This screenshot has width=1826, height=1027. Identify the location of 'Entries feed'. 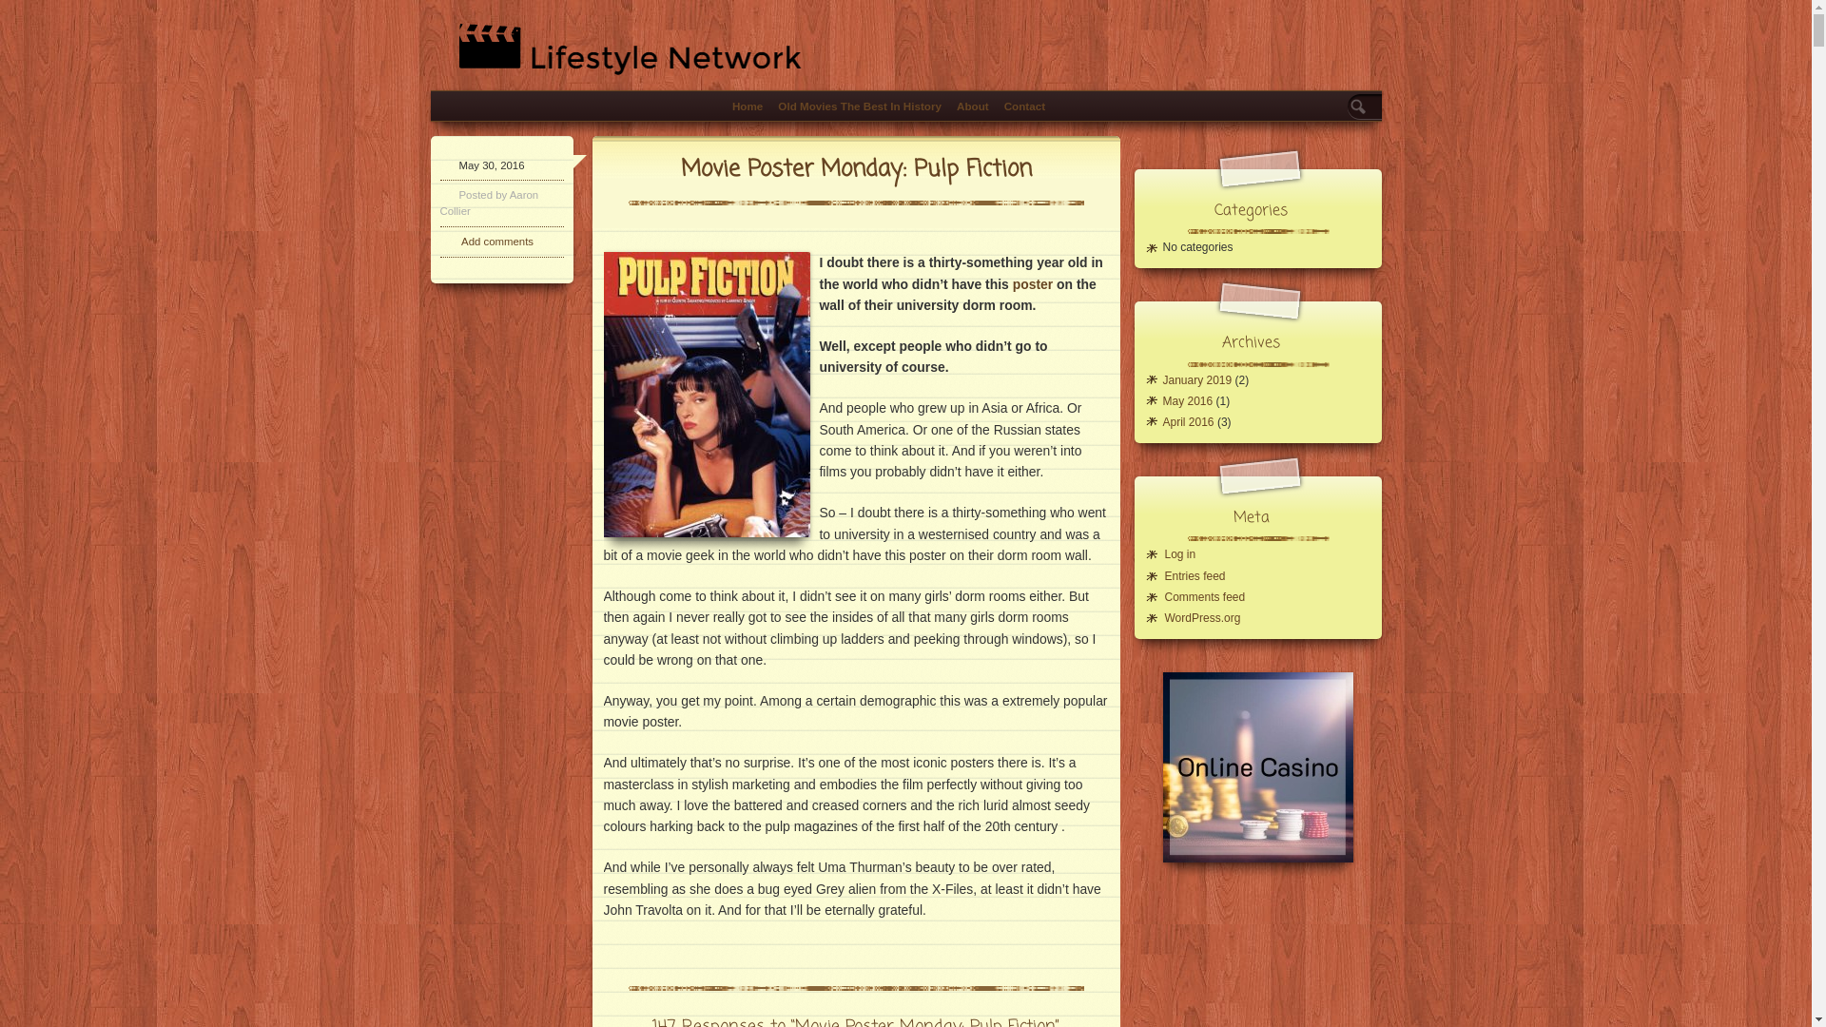
(1194, 574).